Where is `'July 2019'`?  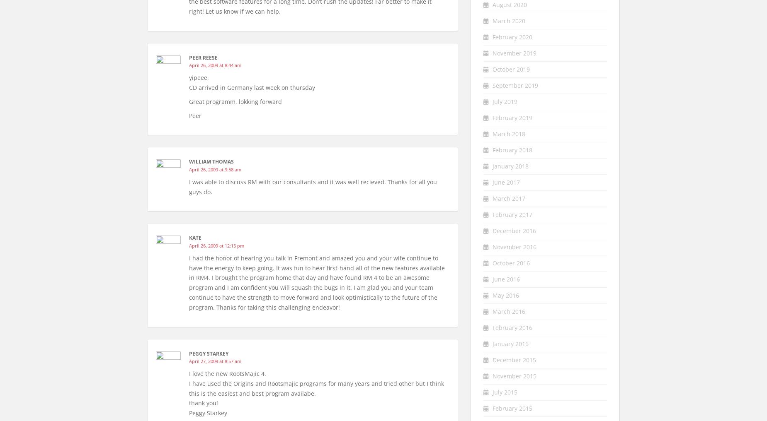 'July 2019' is located at coordinates (505, 101).